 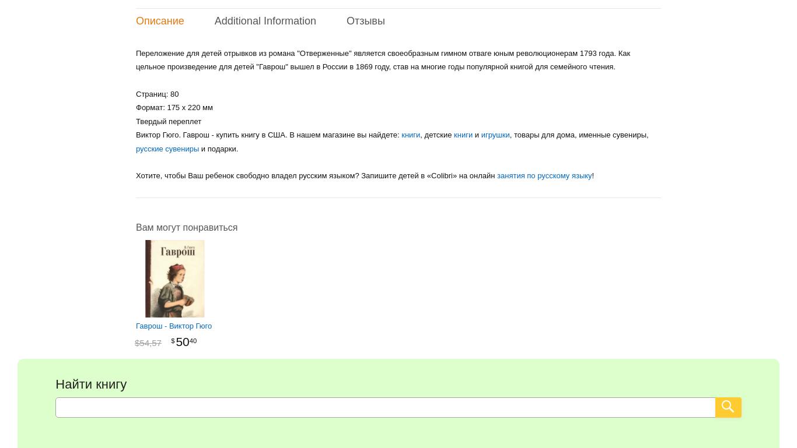 I want to click on 'Хотите, чтобы Ваш ребенок свободно владел русским языком?
Запишите детей в «Colibri» на онлайн', so click(x=316, y=175).